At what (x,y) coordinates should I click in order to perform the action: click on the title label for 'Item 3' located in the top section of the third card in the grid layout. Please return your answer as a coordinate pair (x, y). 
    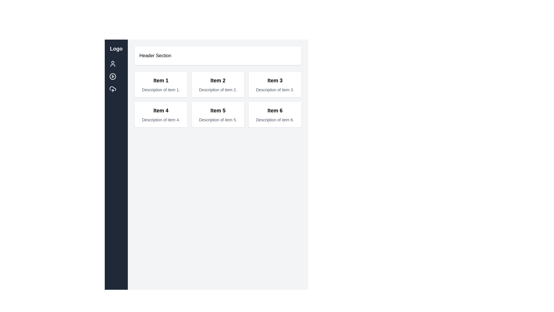
    Looking at the image, I should click on (275, 80).